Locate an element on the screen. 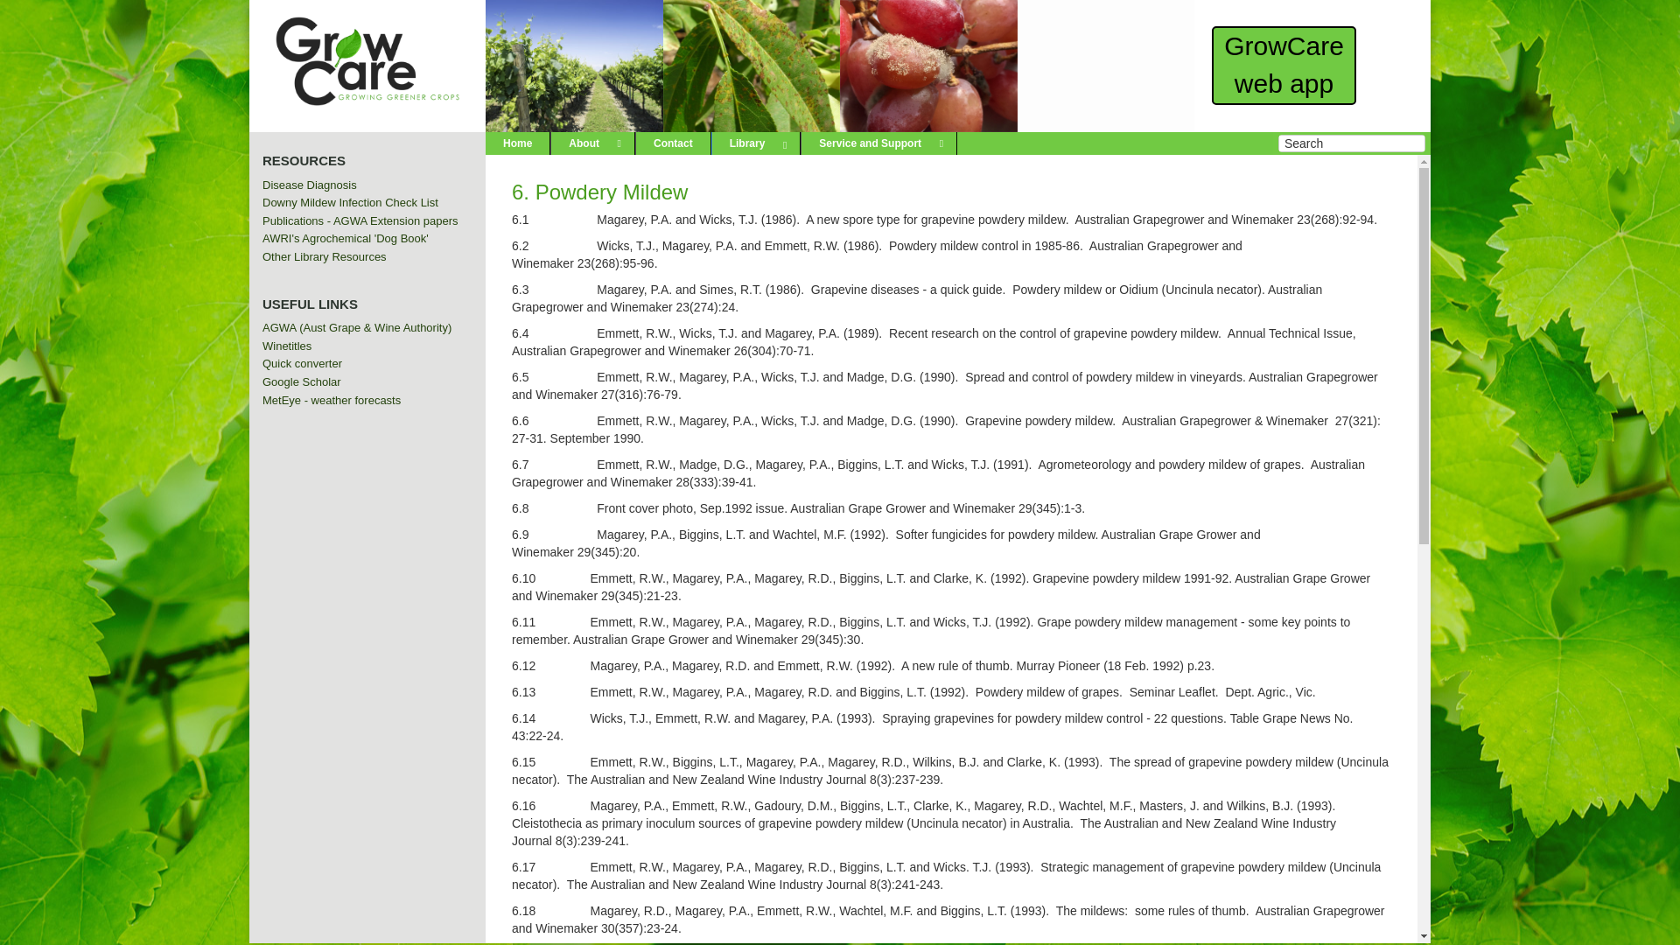 Image resolution: width=1680 pixels, height=945 pixels. 'Disease Diagnosis' is located at coordinates (310, 185).